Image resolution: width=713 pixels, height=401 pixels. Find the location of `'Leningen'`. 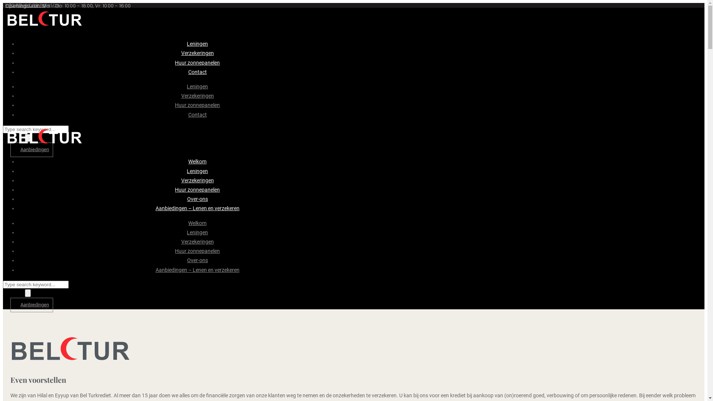

'Leningen' is located at coordinates (197, 86).